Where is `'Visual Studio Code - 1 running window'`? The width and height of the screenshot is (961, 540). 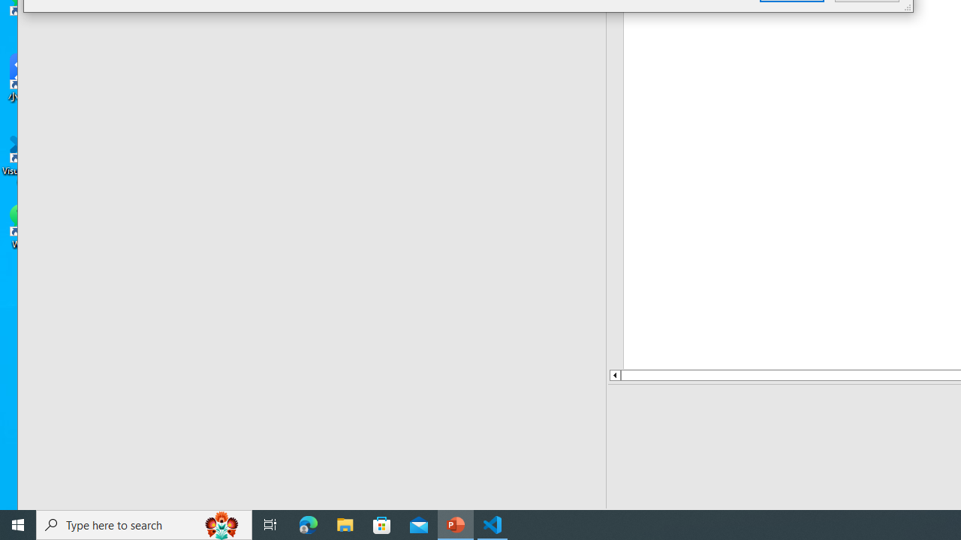
'Visual Studio Code - 1 running window' is located at coordinates (493, 523).